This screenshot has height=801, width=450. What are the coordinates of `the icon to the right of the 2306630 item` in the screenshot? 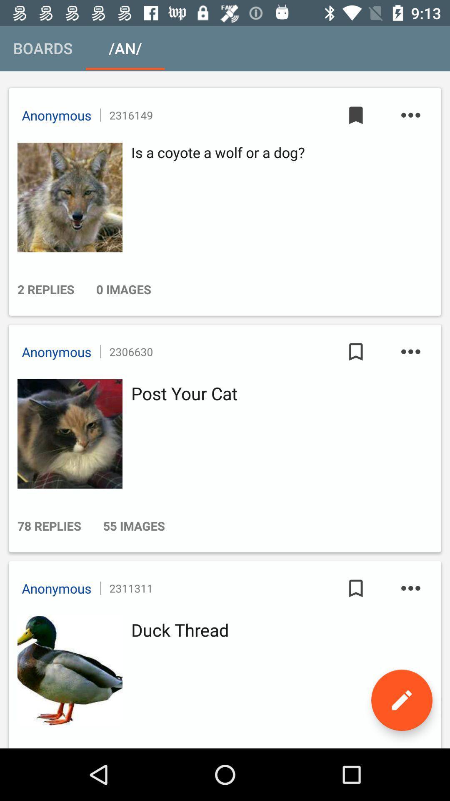 It's located at (356, 352).